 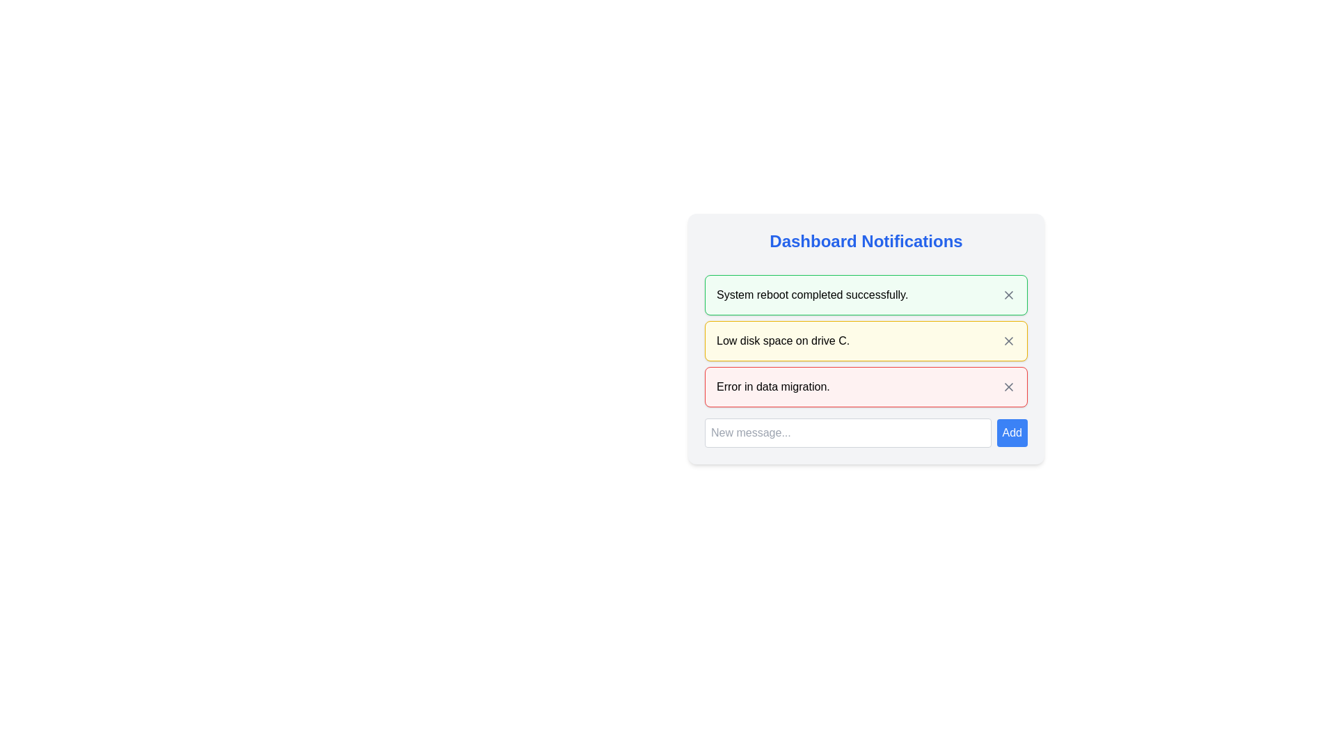 What do you see at coordinates (1008, 340) in the screenshot?
I see `the dismiss button (icon-based close button) located in the top-right corner of the yellow notification box for the low disk space message to trigger a tooltip or effect` at bounding box center [1008, 340].